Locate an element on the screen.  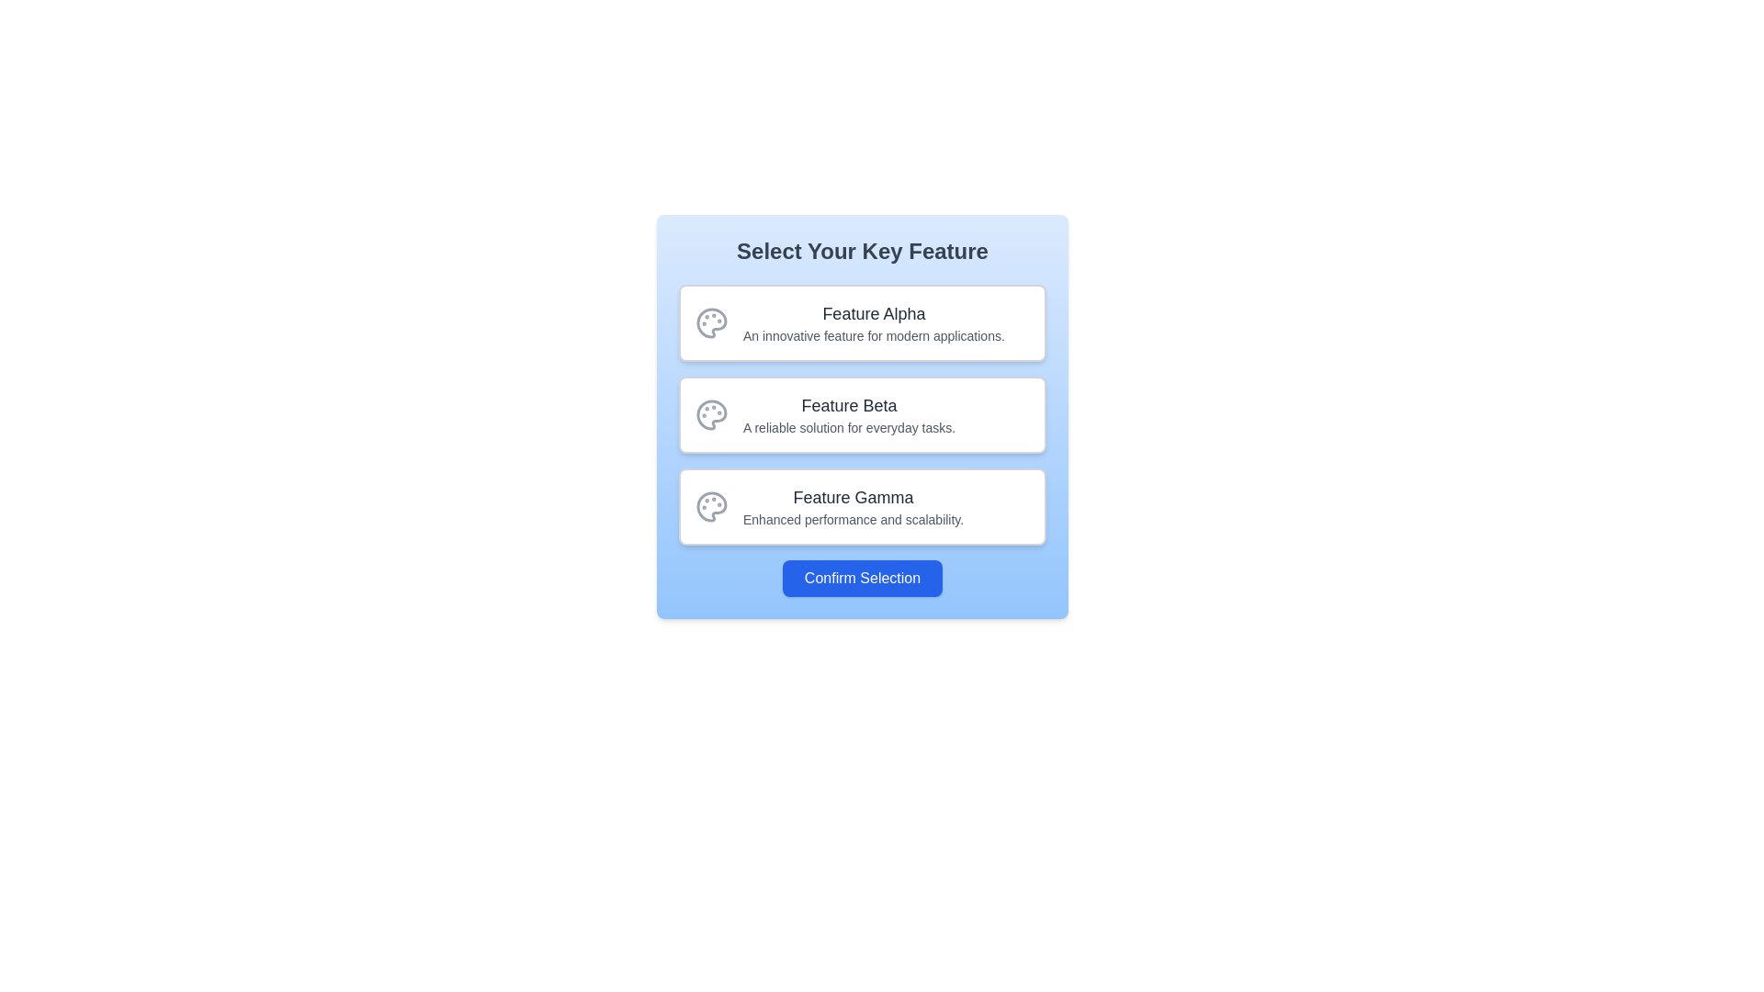
the 'Feature Beta' icon which is centrally aligned within the second option of a vertical list, distinguishing it by its unique shape is located at coordinates (710, 414).